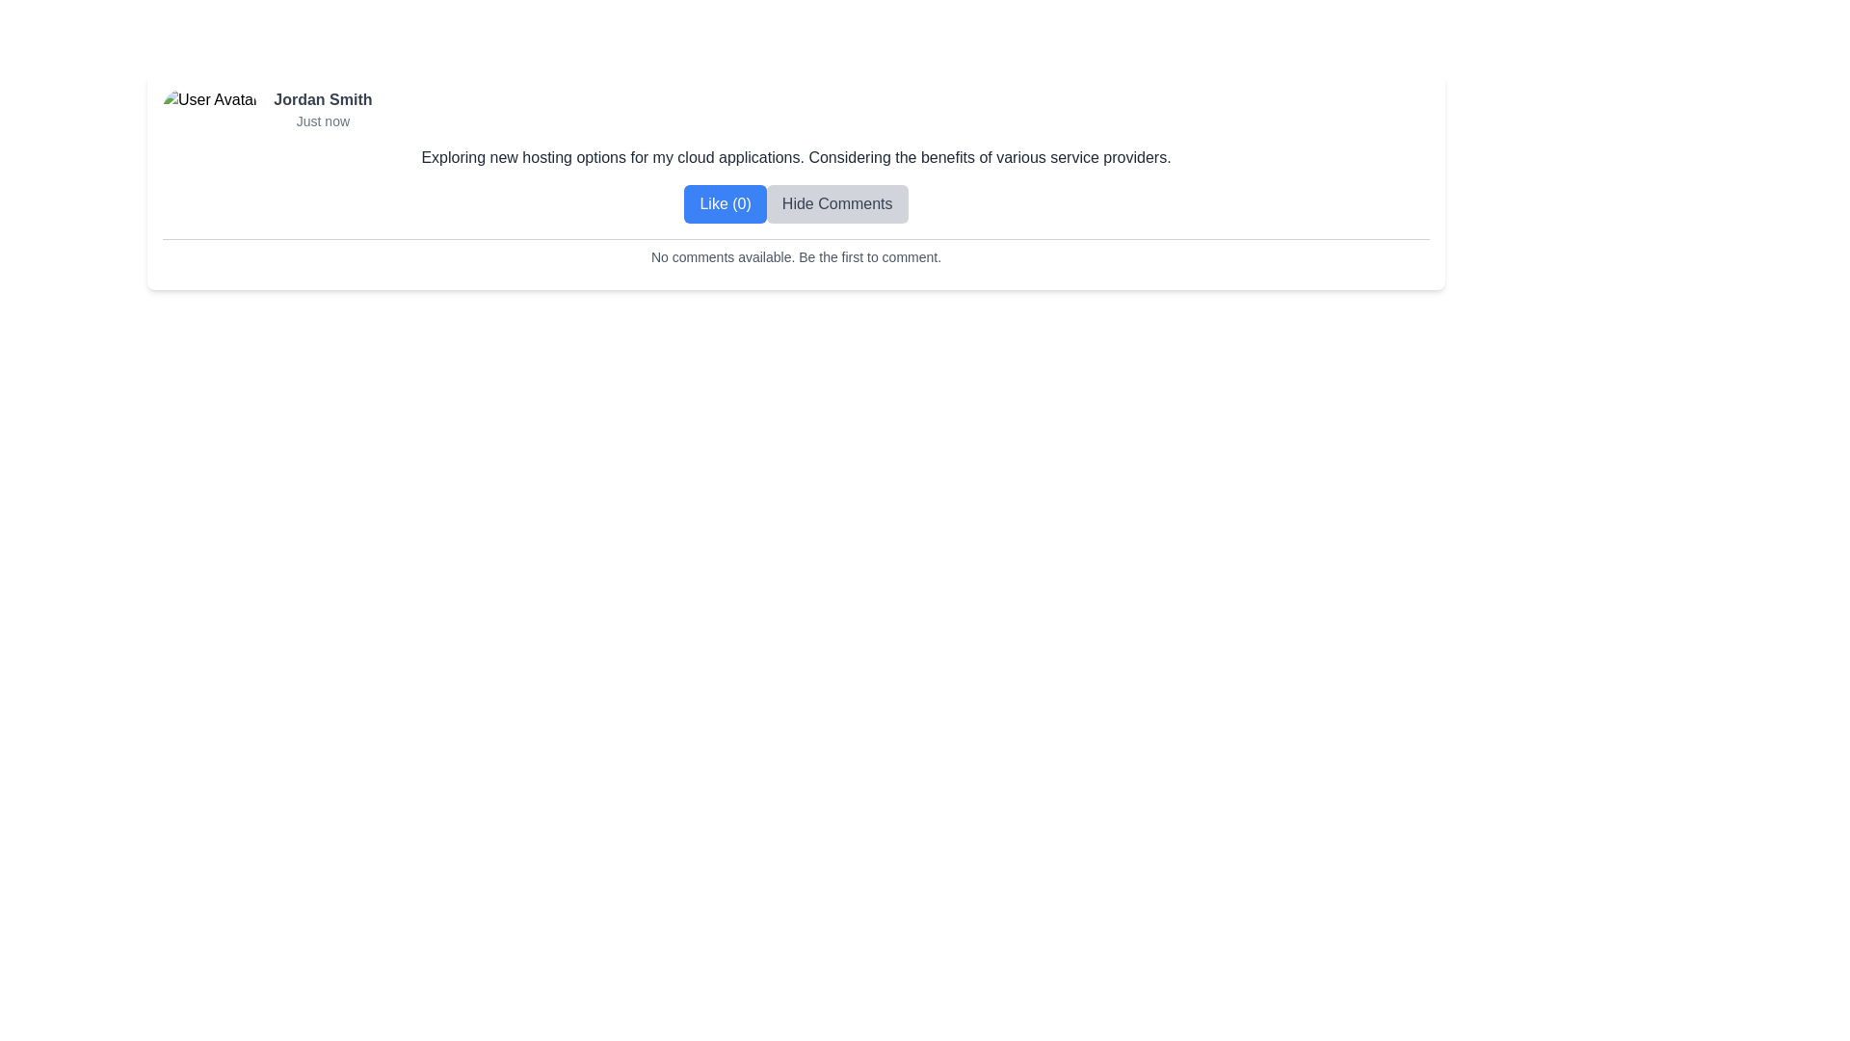 The image size is (1850, 1041). Describe the element at coordinates (837, 204) in the screenshot. I see `the button that toggles the visibility of the comments section below the post by 'Jordan Smith'` at that location.